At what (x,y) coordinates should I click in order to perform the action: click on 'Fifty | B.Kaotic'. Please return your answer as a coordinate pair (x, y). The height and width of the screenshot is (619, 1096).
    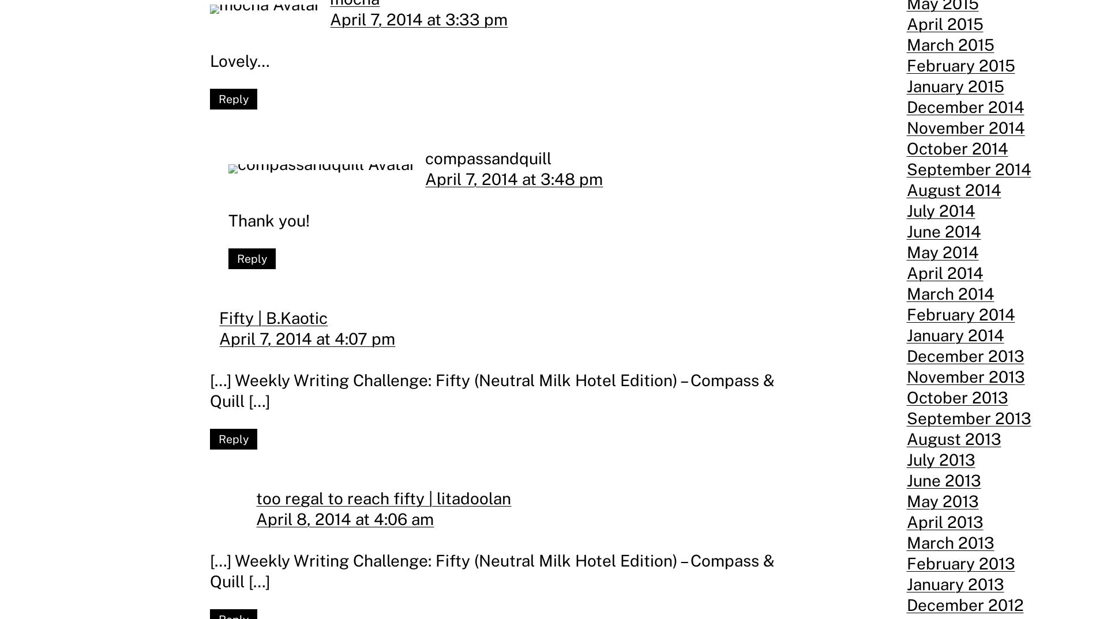
    Looking at the image, I should click on (273, 316).